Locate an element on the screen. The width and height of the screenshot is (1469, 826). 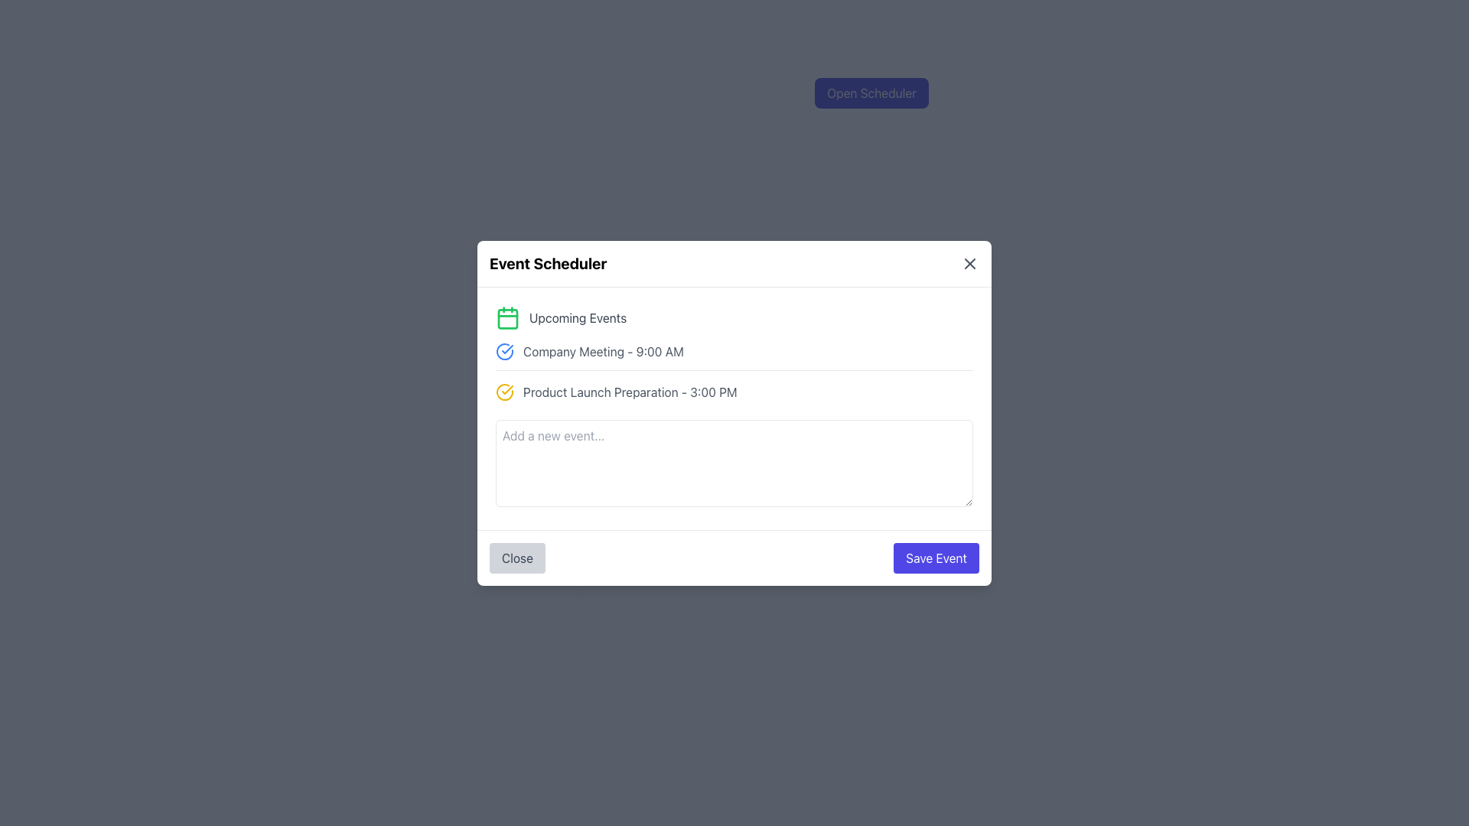
the 'X' icon close button in the top-right corner of the 'Event Scheduler' dialog box to change its color is located at coordinates (969, 262).